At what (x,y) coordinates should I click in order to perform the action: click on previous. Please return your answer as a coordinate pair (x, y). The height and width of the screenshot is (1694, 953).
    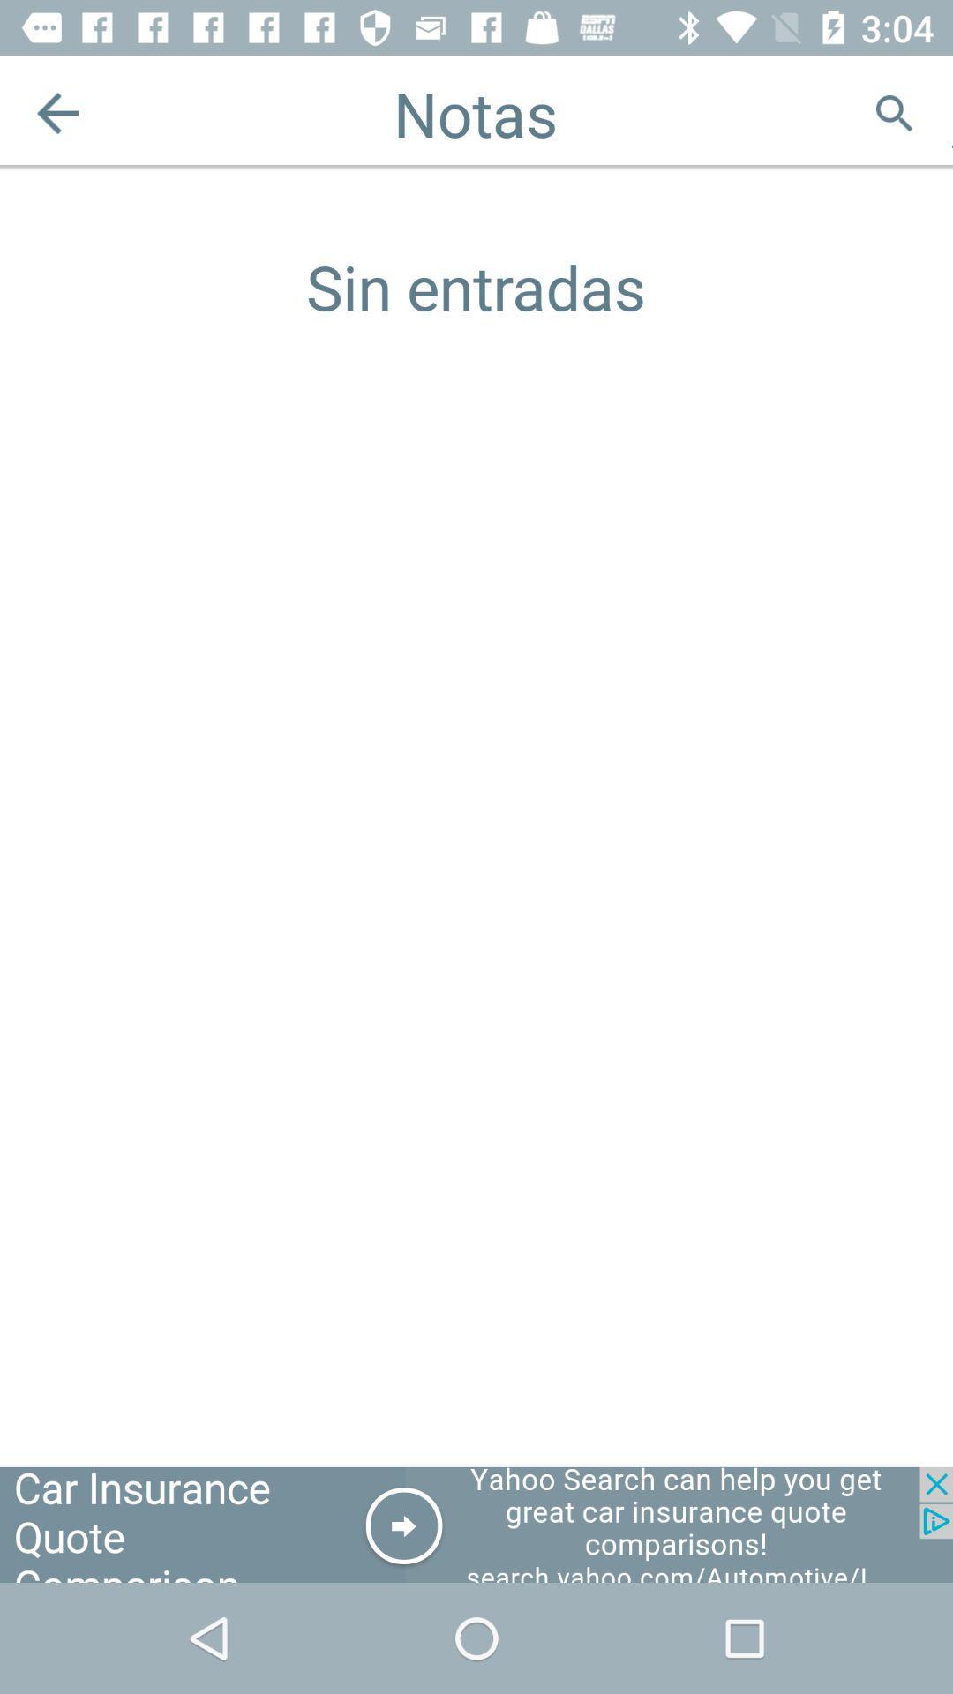
    Looking at the image, I should click on (56, 112).